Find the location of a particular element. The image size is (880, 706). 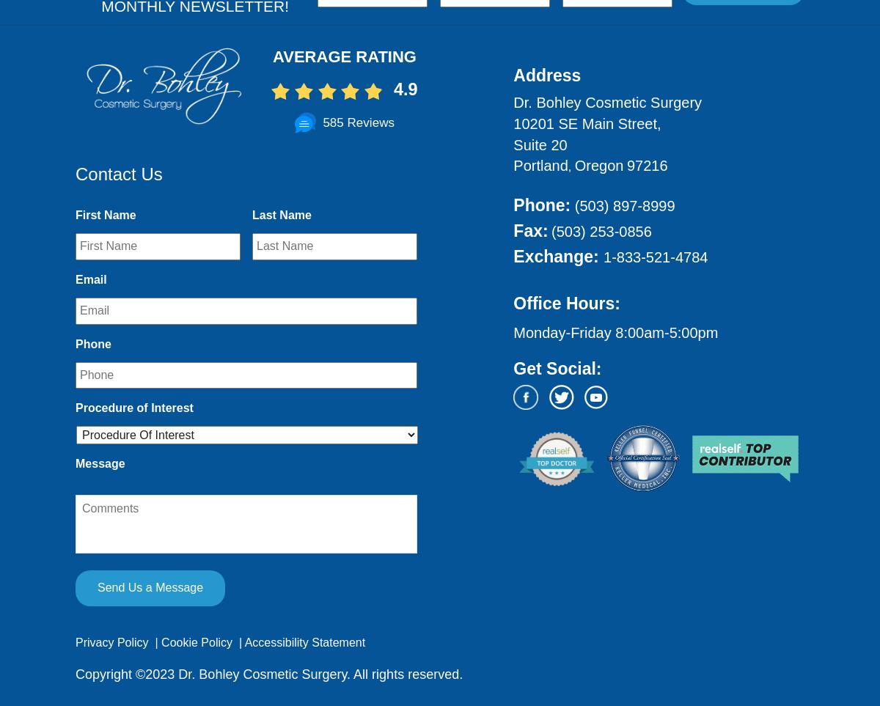

'Copyright ©' is located at coordinates (110, 673).